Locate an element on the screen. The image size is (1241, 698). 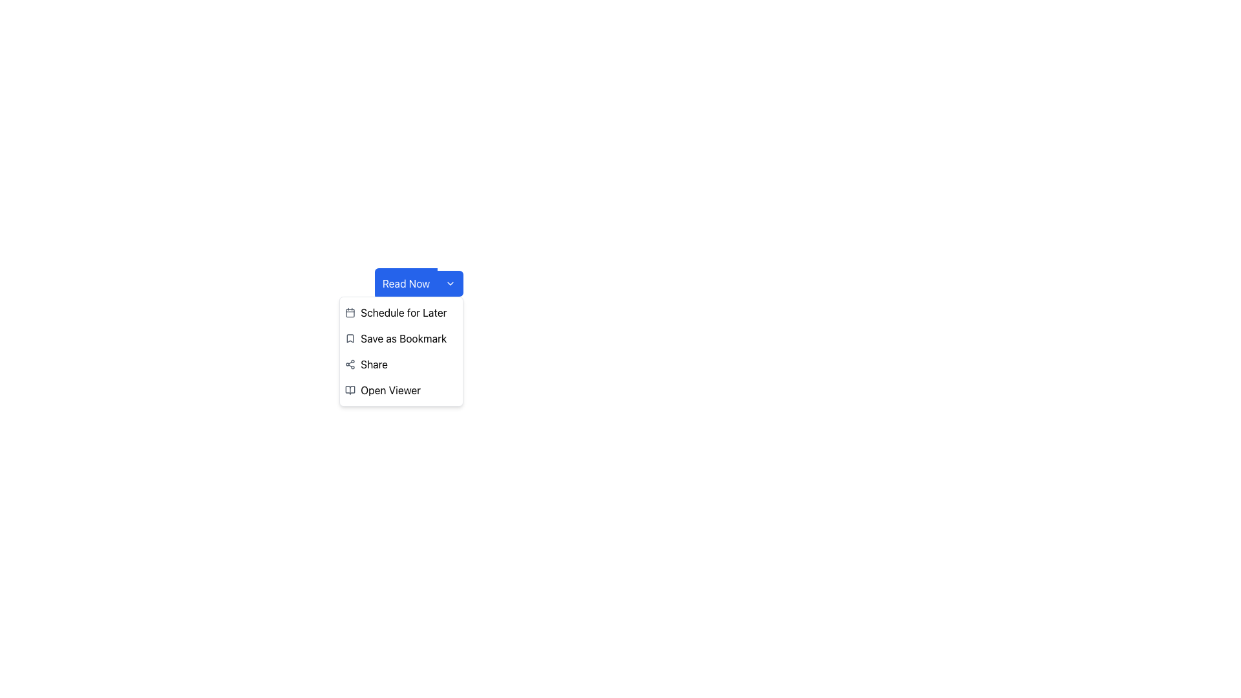
the clickable list item labeled 'Save as Bookmark' that has a bookmark icon, located below the 'Read Now' button and above the 'Share' option is located at coordinates (401, 338).